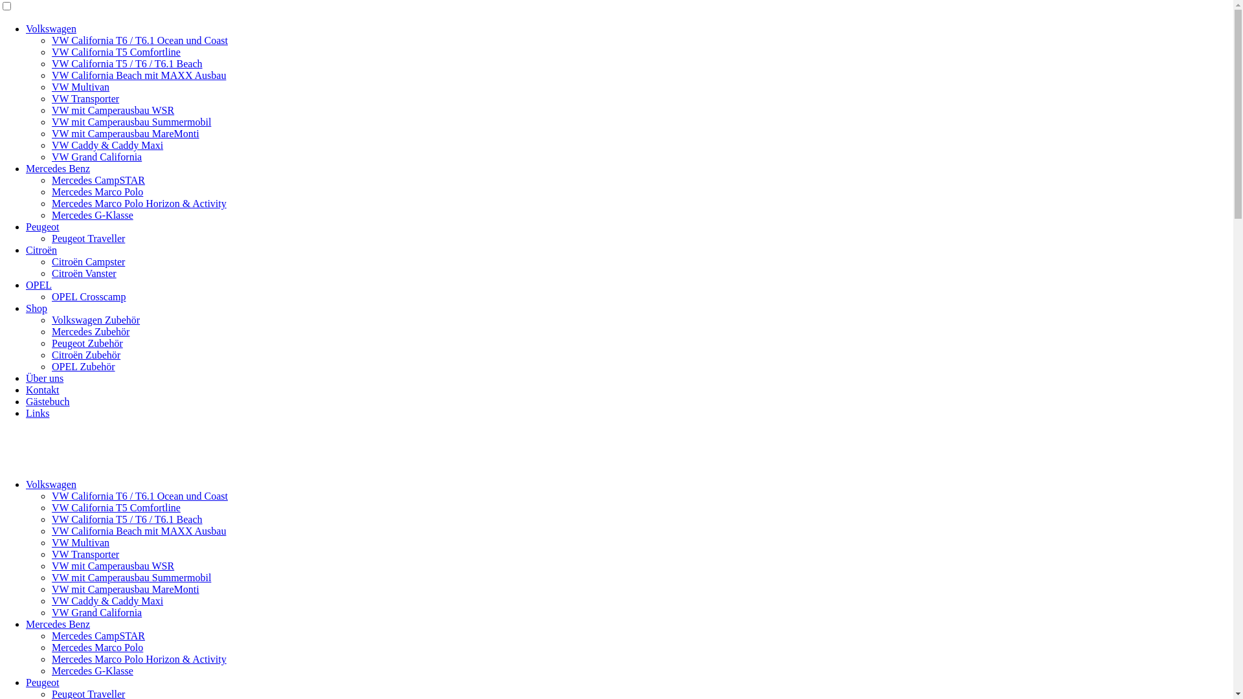 The image size is (1243, 699). What do you see at coordinates (43, 389) in the screenshot?
I see `'Kontakt'` at bounding box center [43, 389].